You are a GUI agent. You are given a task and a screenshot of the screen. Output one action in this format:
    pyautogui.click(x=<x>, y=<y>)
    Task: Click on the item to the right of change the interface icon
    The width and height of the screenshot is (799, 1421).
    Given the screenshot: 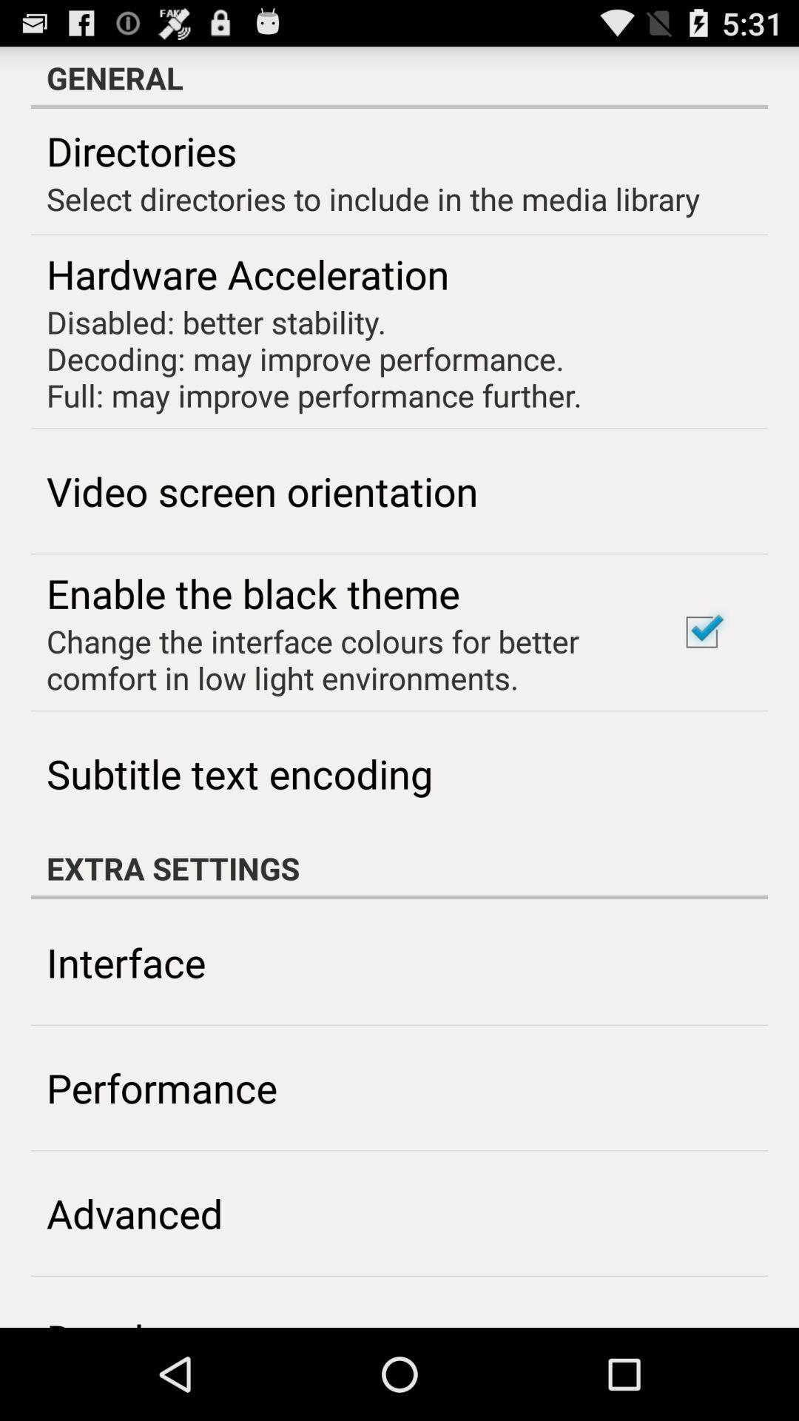 What is the action you would take?
    pyautogui.click(x=701, y=632)
    